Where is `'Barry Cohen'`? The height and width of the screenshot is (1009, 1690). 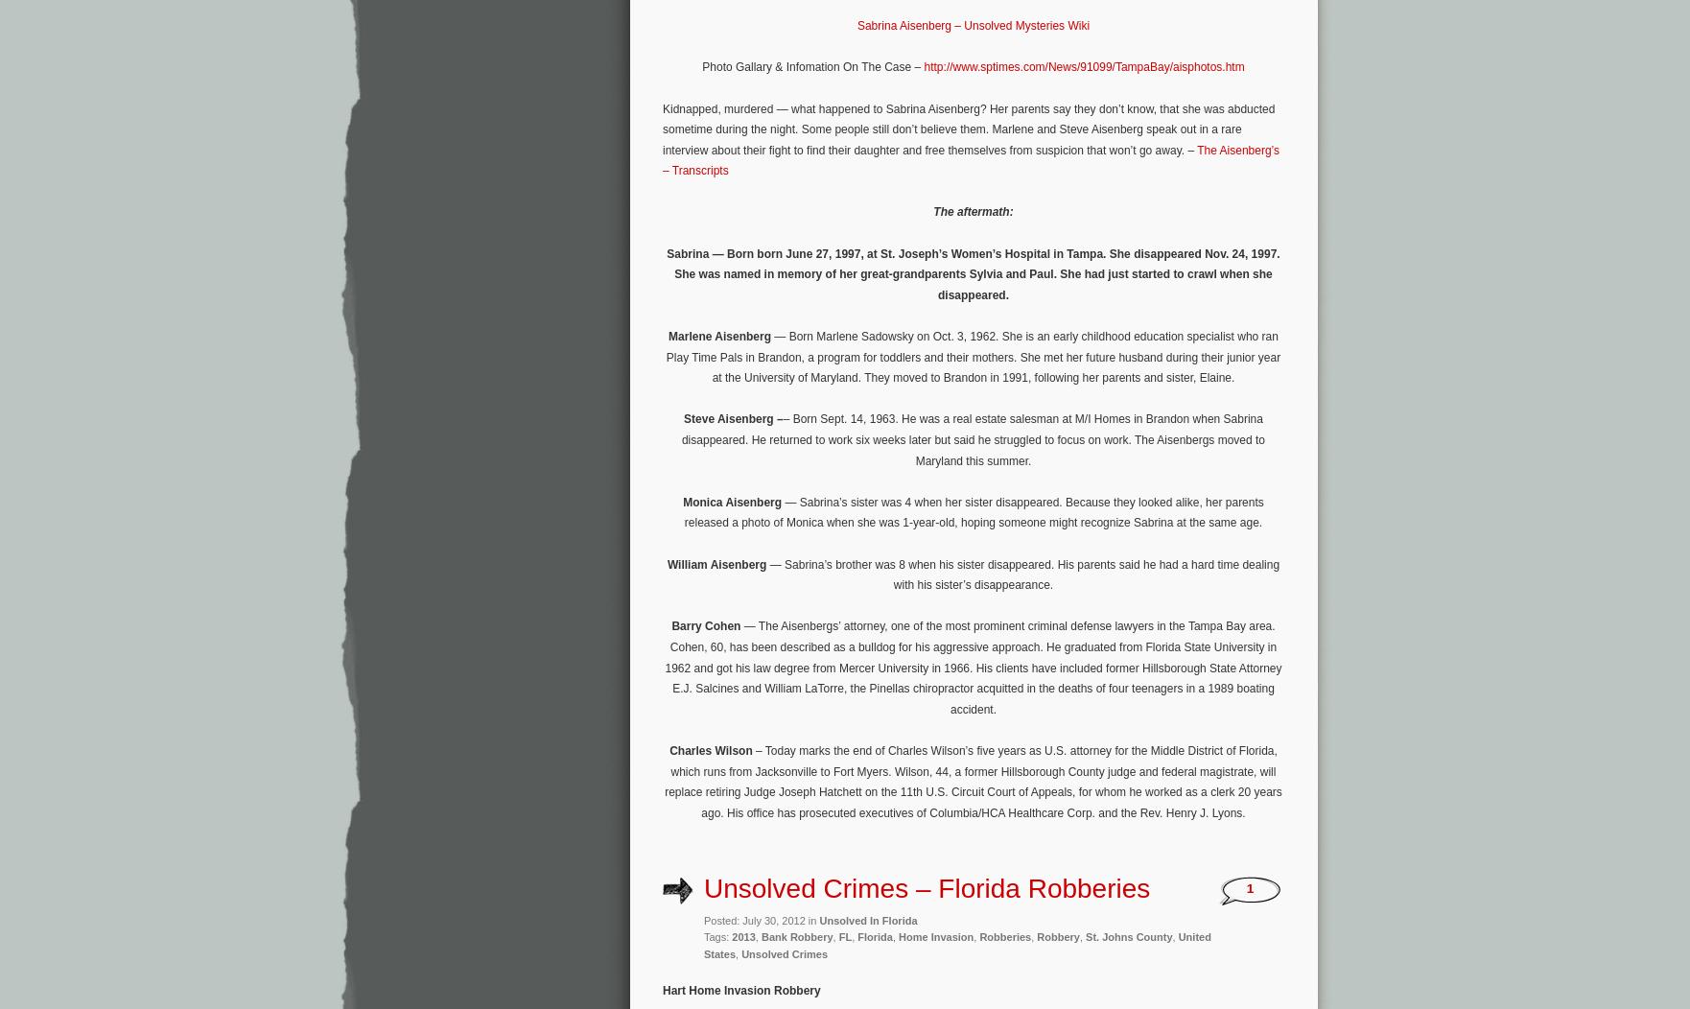
'Barry Cohen' is located at coordinates (704, 625).